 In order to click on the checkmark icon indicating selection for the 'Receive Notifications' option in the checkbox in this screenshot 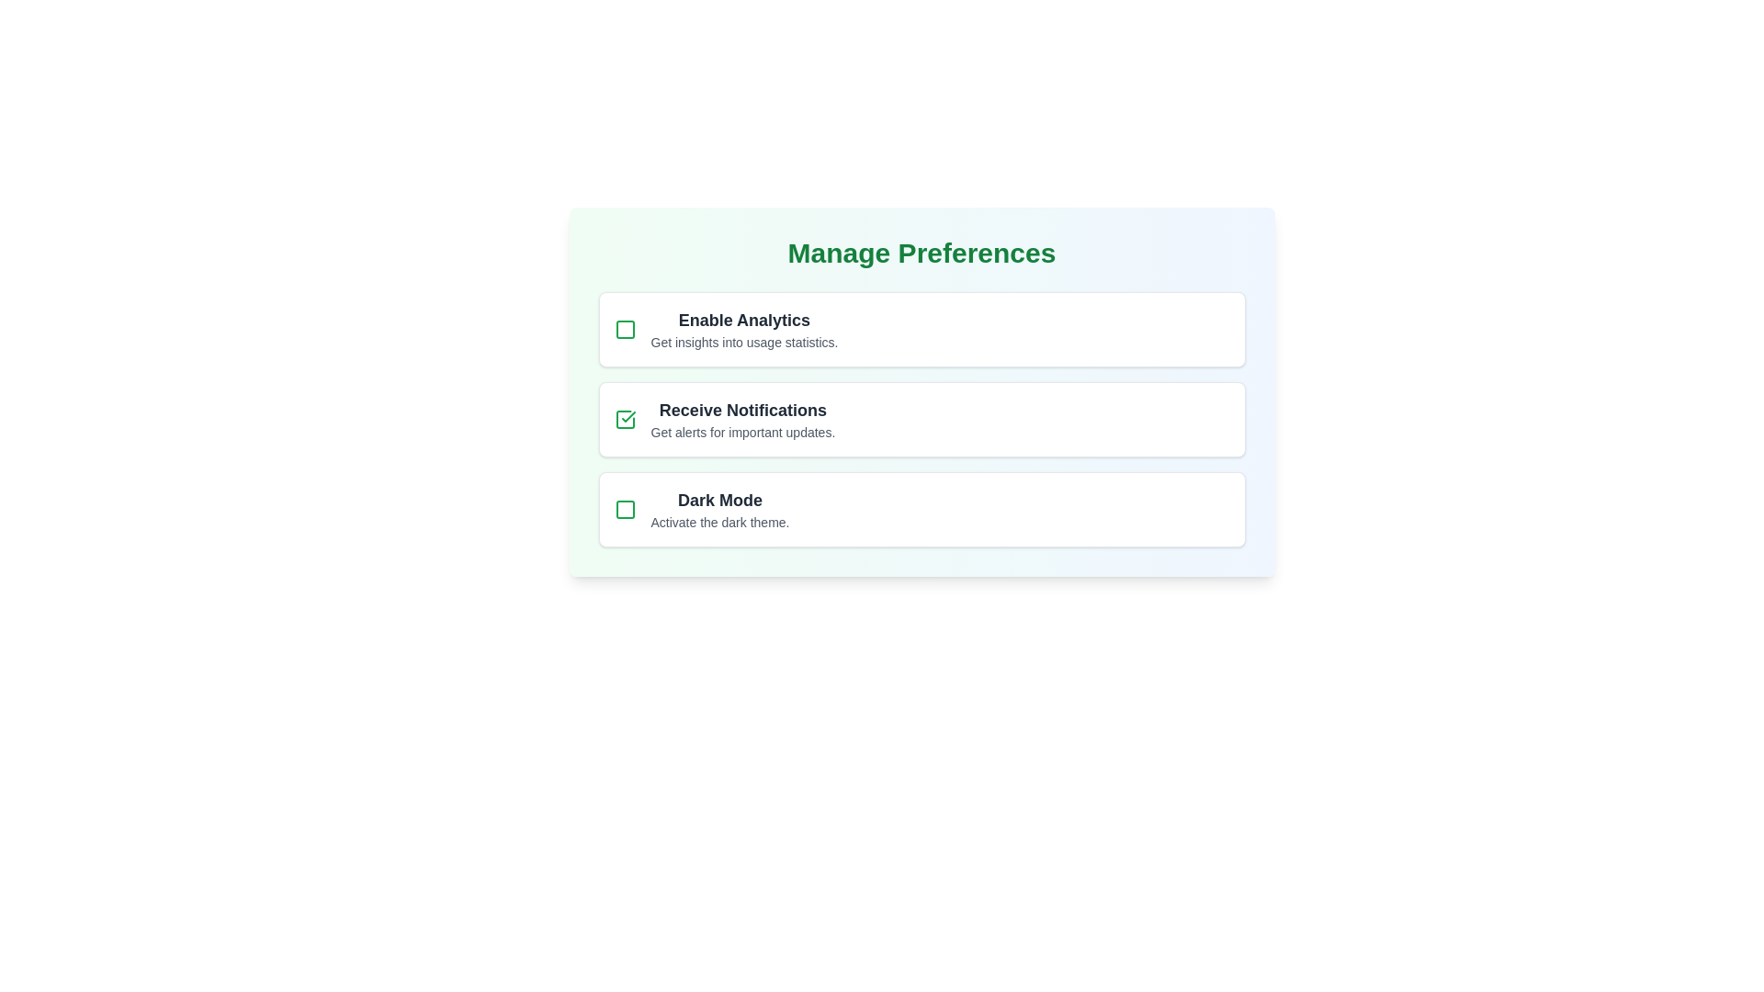, I will do `click(628, 417)`.